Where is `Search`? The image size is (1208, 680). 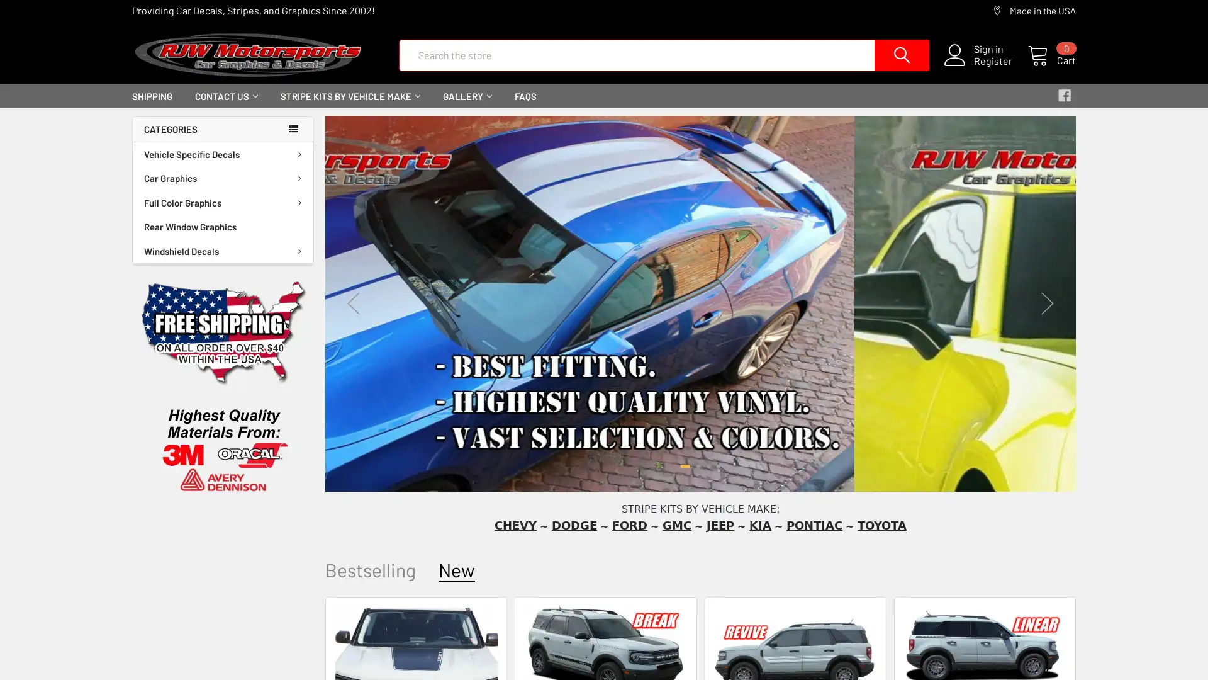
Search is located at coordinates (891, 54).